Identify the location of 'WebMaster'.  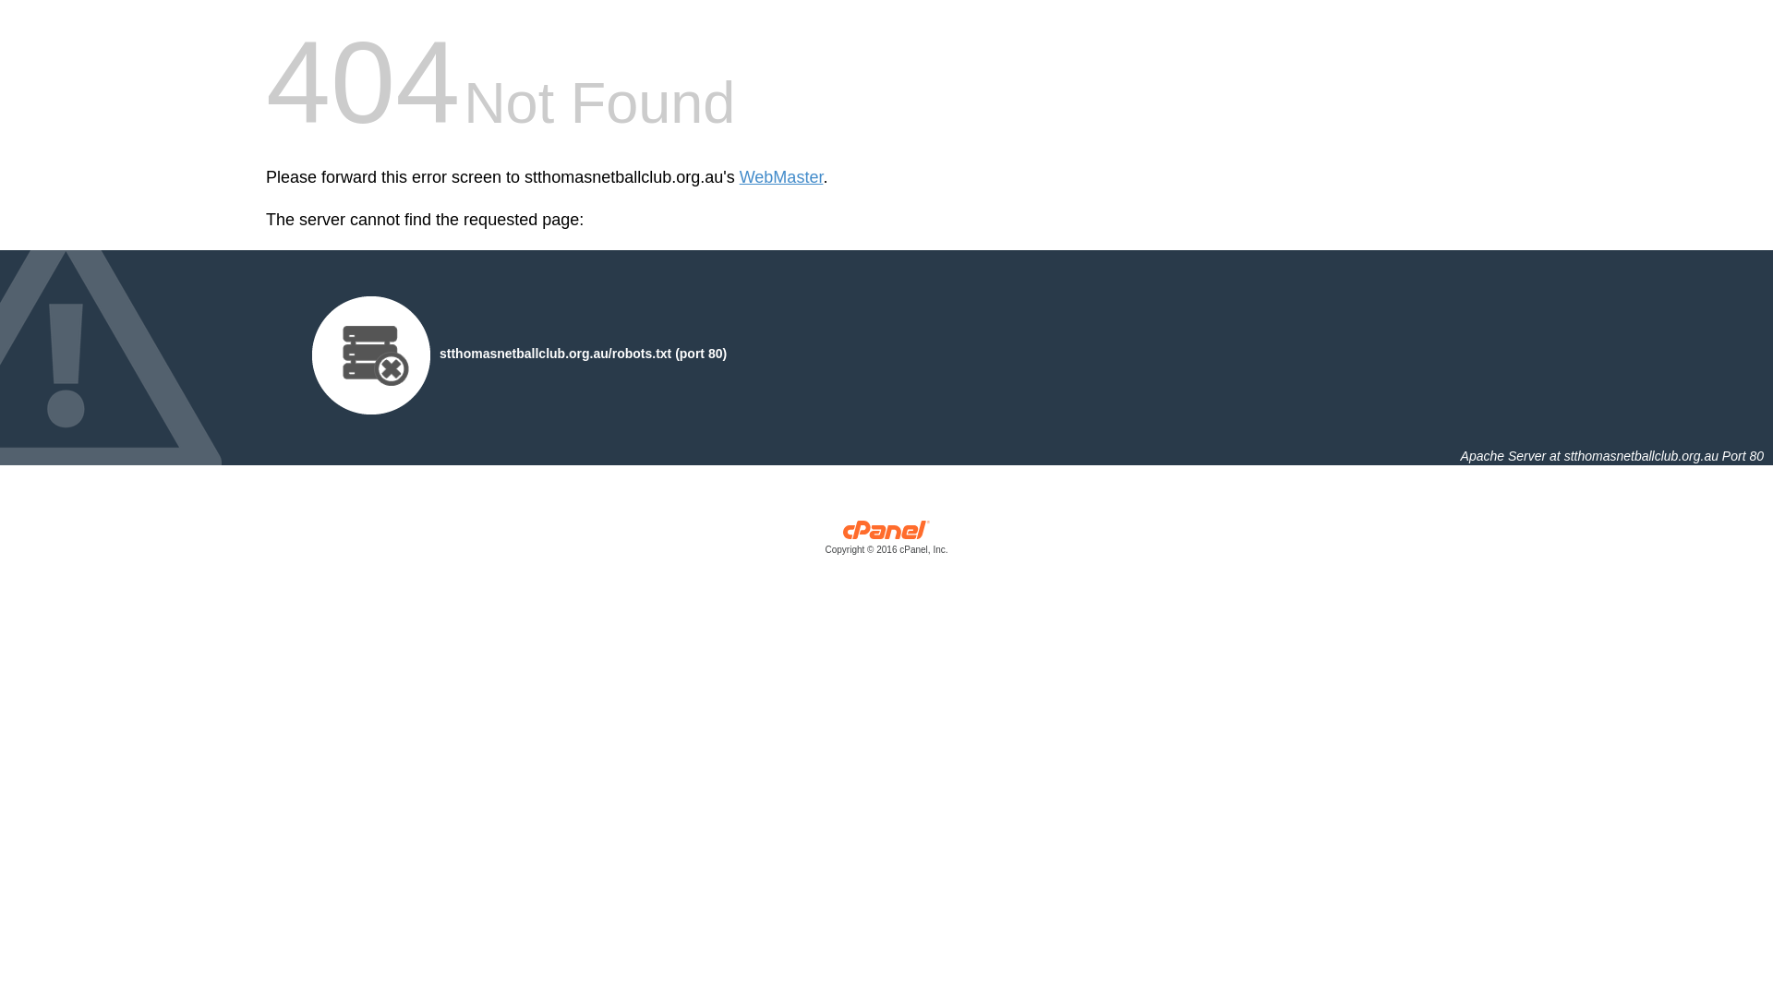
(781, 177).